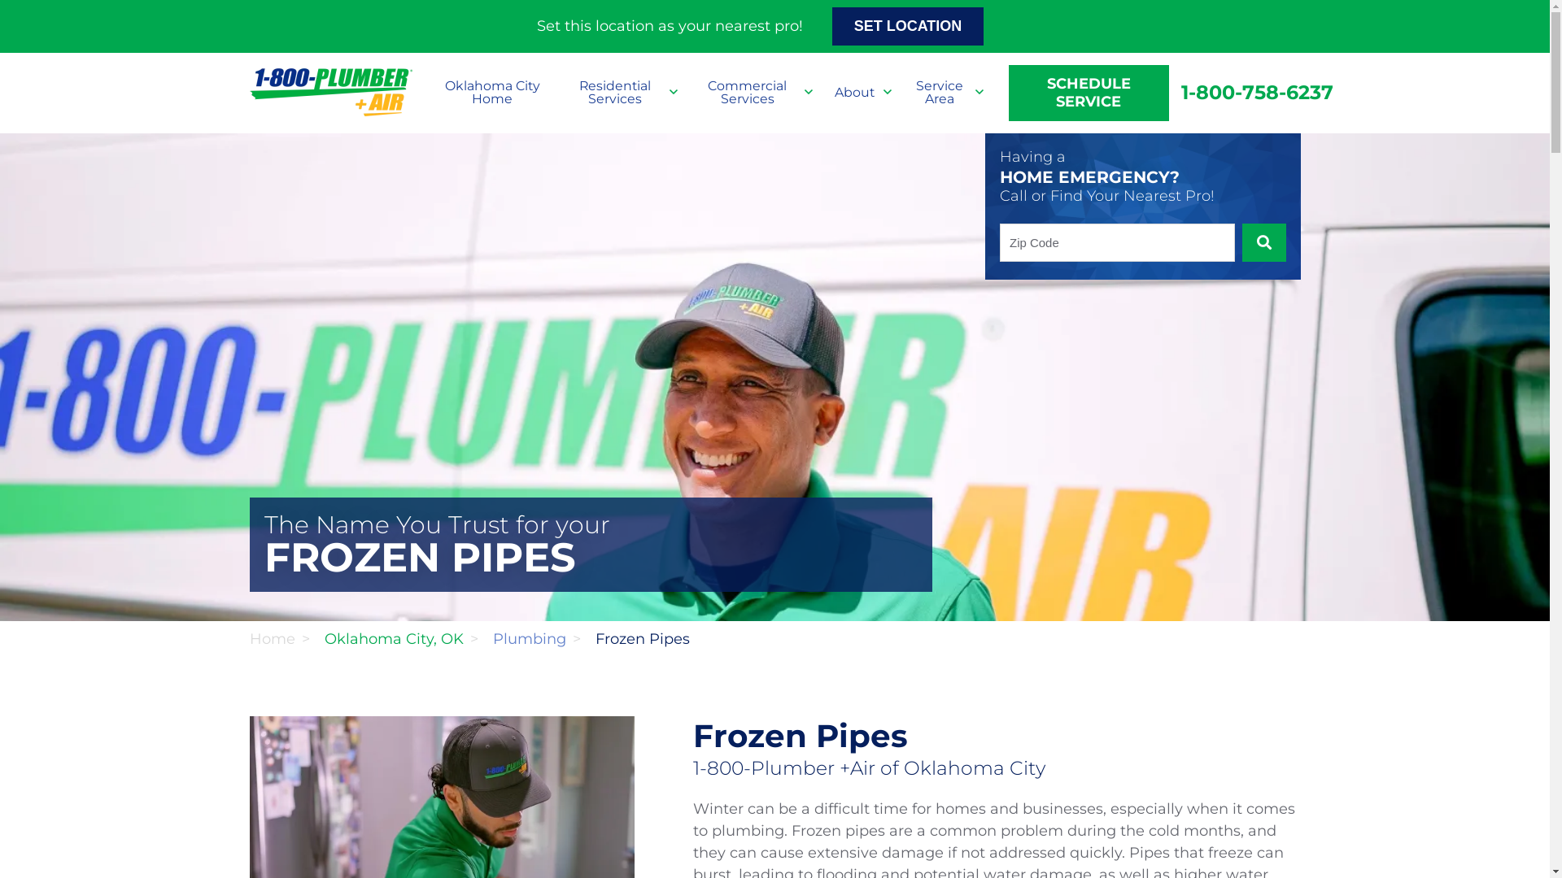  Describe the element at coordinates (429, 93) in the screenshot. I see `'Oklahoma City Home'` at that location.